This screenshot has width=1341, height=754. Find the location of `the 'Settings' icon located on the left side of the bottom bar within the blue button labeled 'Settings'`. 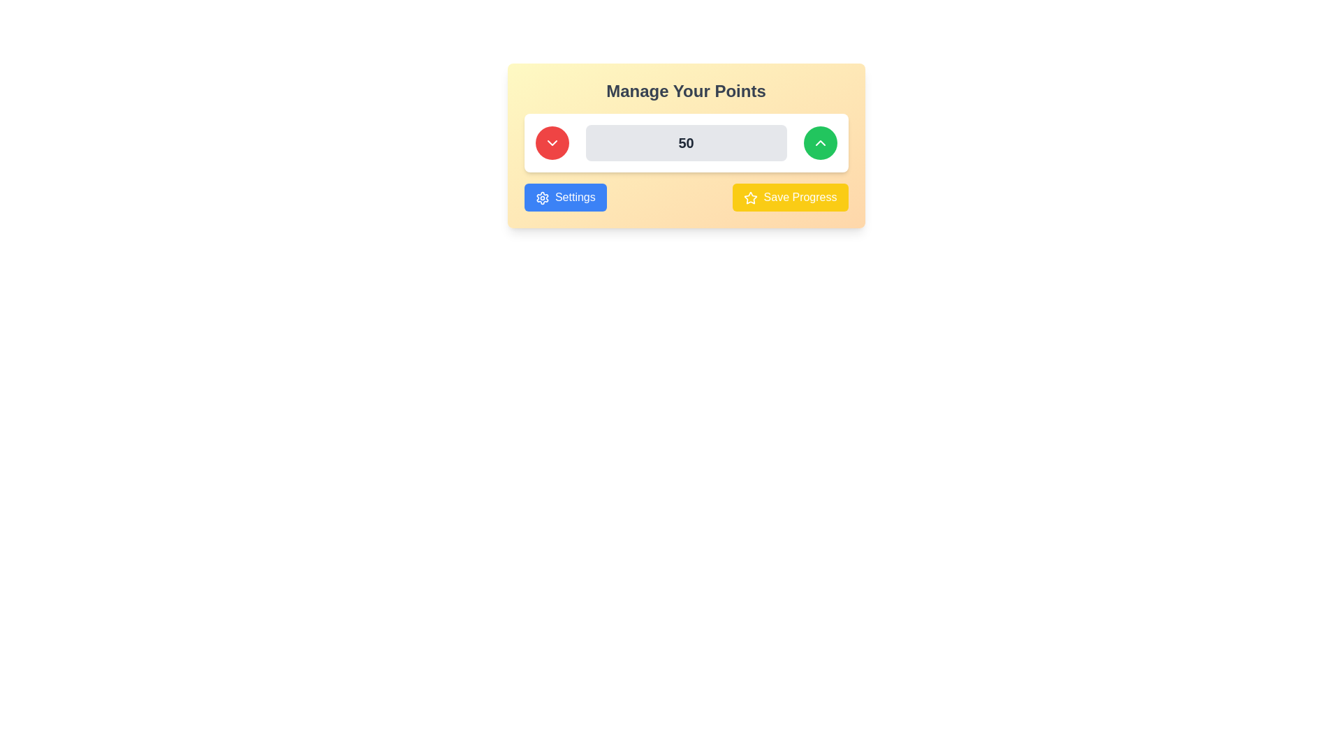

the 'Settings' icon located on the left side of the bottom bar within the blue button labeled 'Settings' is located at coordinates (541, 198).